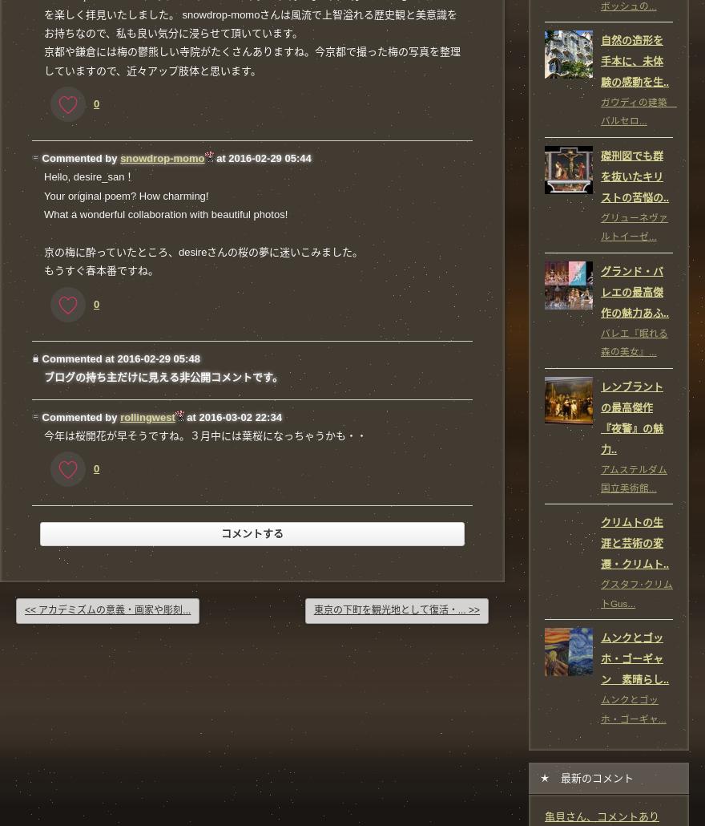  I want to click on 'snowdrop-momo', so click(119, 158).